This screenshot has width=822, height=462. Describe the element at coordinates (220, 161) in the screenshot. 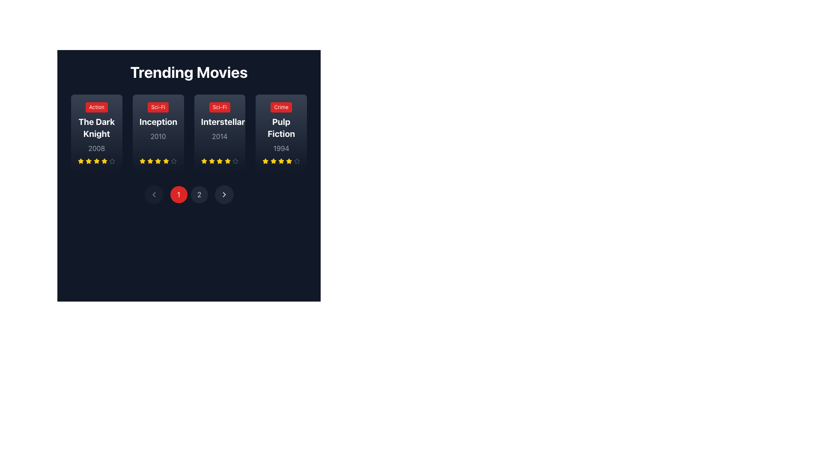

I see `the third star icon in the rating component for the movie 'Interstellar' on the 'Trending Movies' page` at that location.